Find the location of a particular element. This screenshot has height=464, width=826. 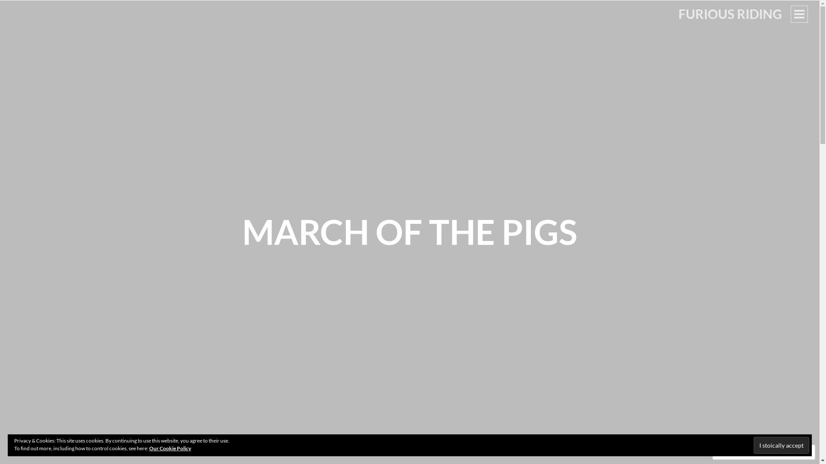

'Follow' is located at coordinates (779, 452).